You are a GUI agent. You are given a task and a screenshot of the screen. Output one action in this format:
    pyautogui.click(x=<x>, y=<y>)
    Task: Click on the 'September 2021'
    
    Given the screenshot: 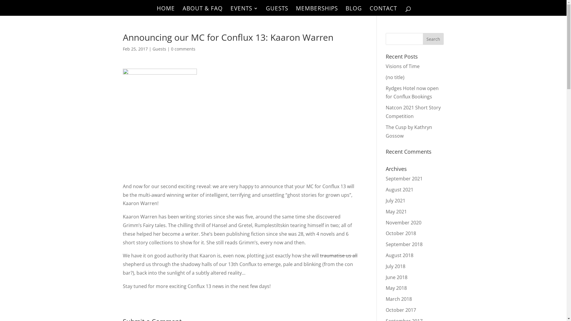 What is the action you would take?
    pyautogui.click(x=404, y=178)
    